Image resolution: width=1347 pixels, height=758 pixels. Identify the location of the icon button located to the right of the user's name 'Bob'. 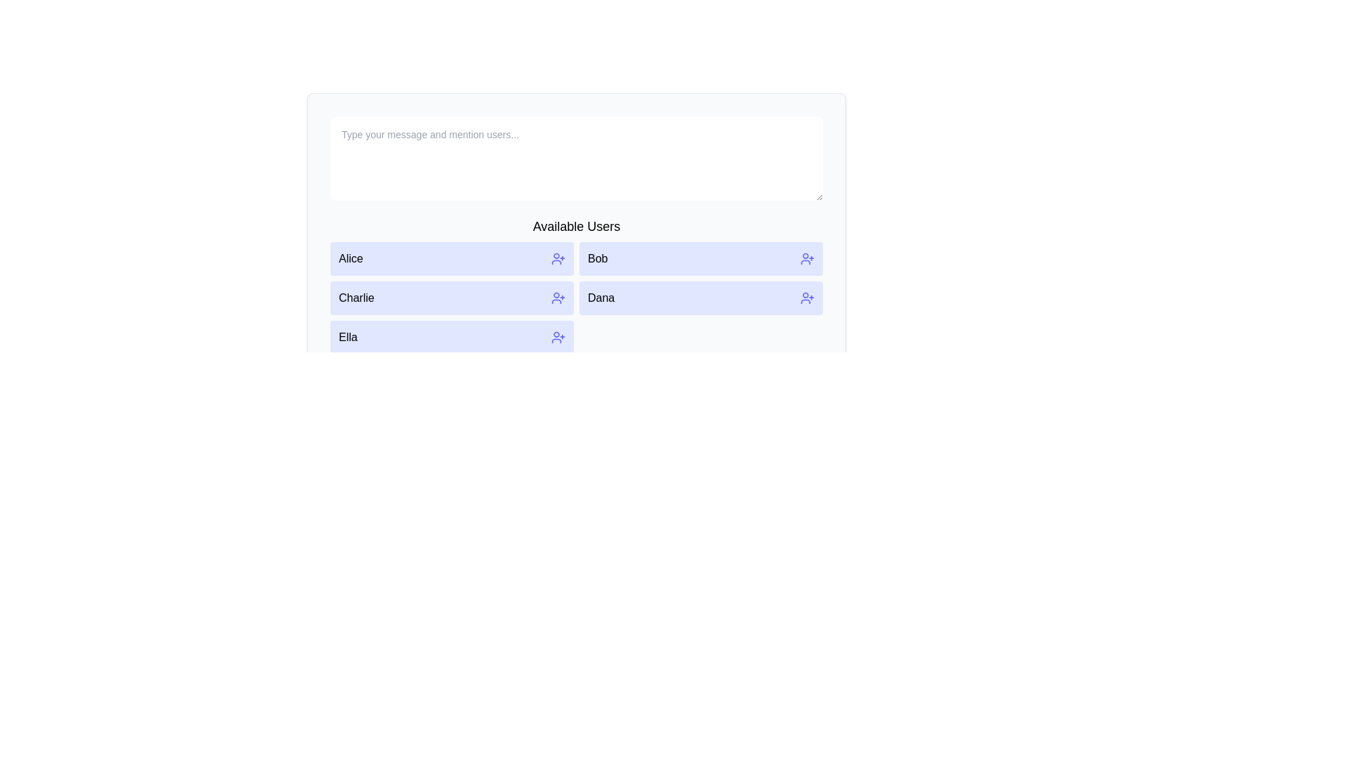
(807, 259).